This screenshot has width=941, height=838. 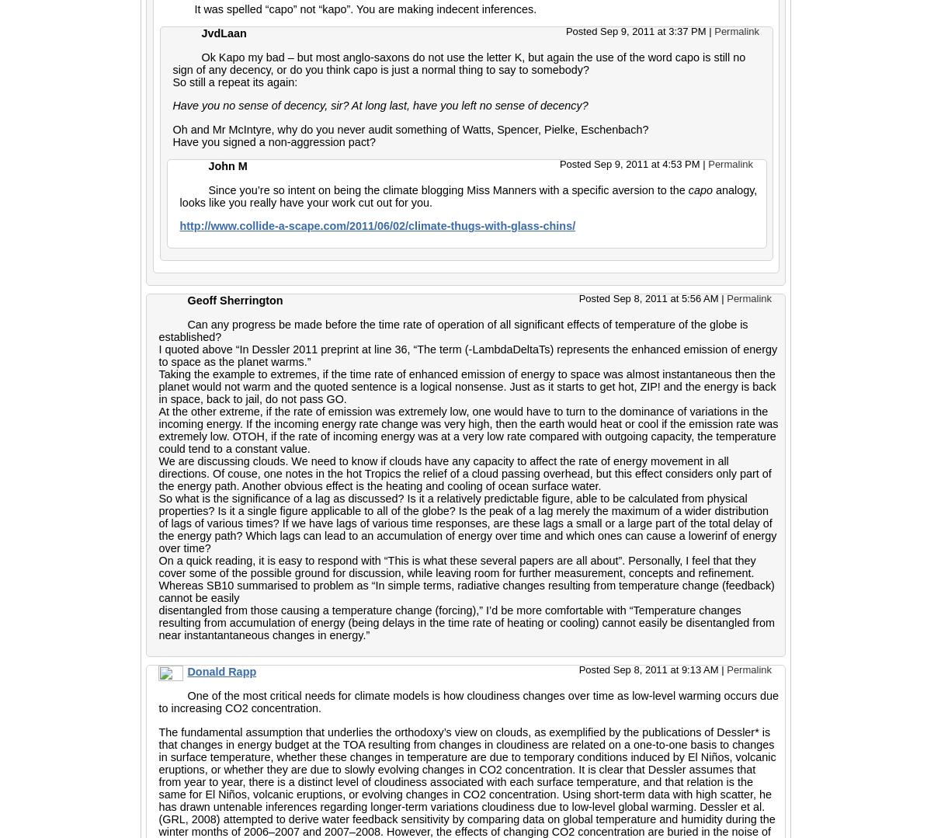 What do you see at coordinates (157, 701) in the screenshot?
I see `'One of the most critical needs for climate models is how cloudiness changes over time as low-level warming occurs due to increasing CO2 concentration.'` at bounding box center [157, 701].